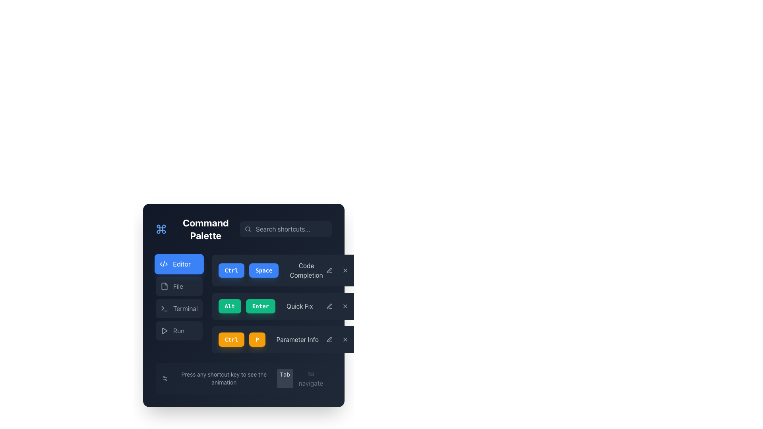 This screenshot has width=763, height=429. I want to click on the pen icon located in the dark-themed menu bar, so click(329, 306).